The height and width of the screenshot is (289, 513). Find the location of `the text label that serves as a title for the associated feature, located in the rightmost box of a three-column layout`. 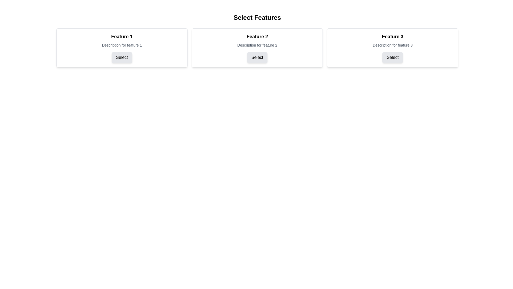

the text label that serves as a title for the associated feature, located in the rightmost box of a three-column layout is located at coordinates (392, 36).